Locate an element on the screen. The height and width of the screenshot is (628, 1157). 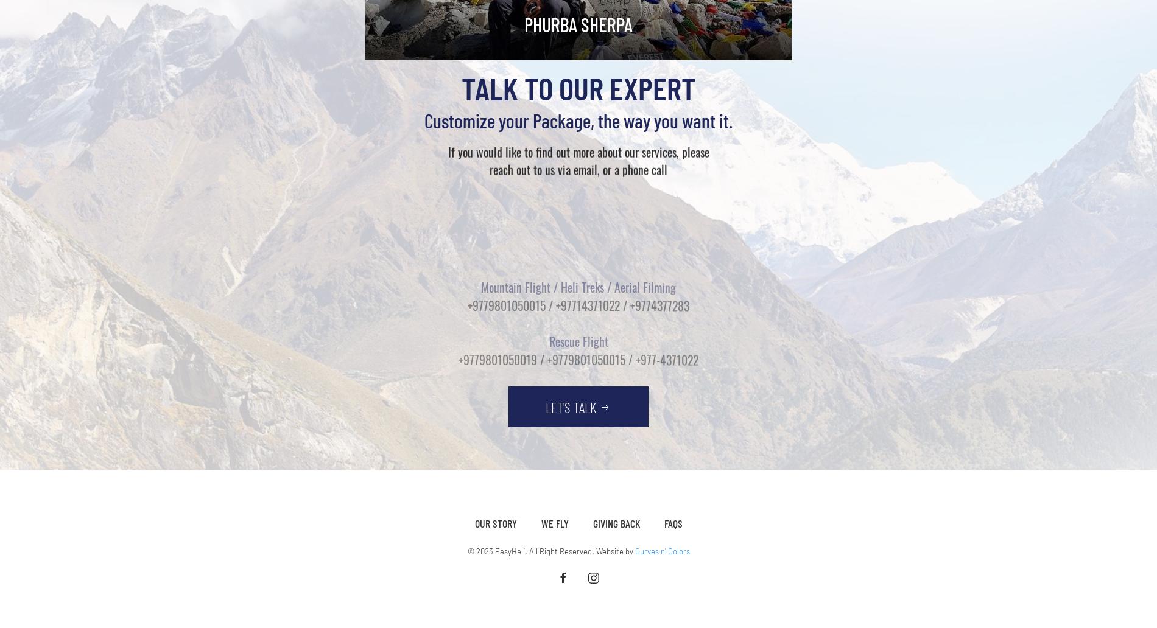
'Mountain Flight / Heli Treks / Aerial Filming' is located at coordinates (480, 207).